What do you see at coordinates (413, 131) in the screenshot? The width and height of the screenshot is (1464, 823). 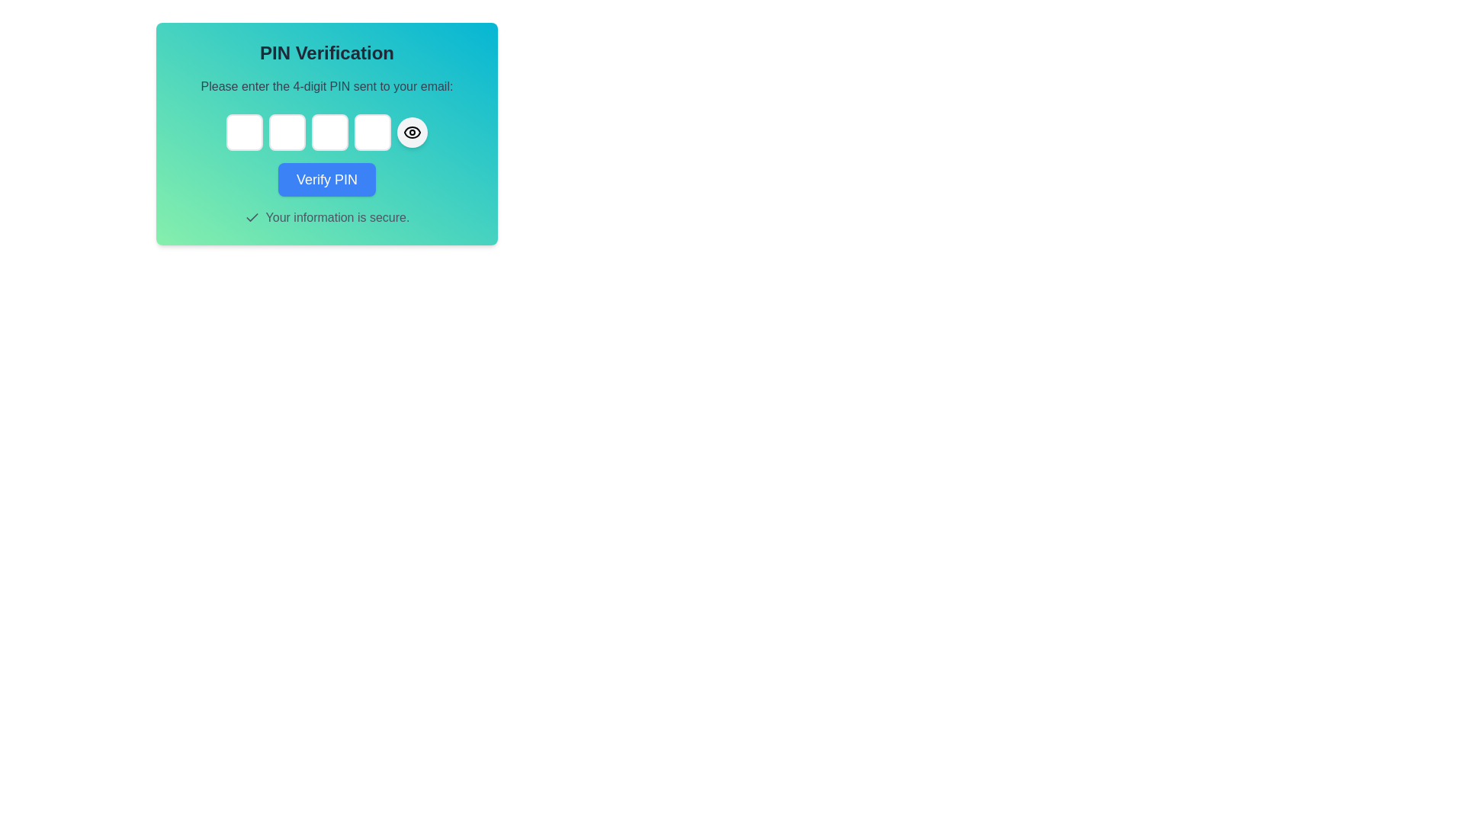 I see `the button` at bounding box center [413, 131].